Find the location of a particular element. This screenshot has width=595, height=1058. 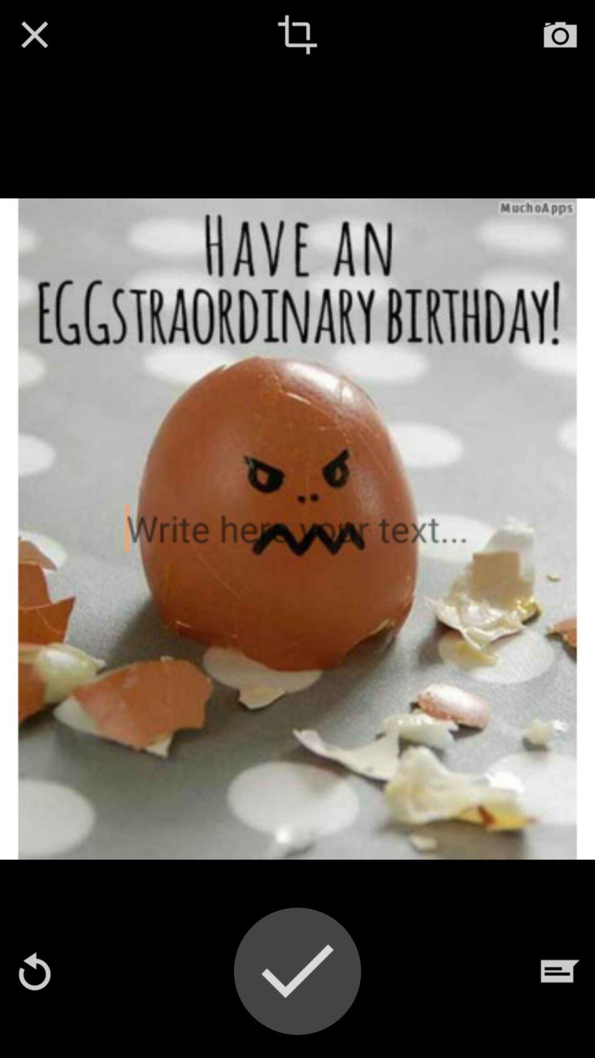

edit is located at coordinates (297, 34).